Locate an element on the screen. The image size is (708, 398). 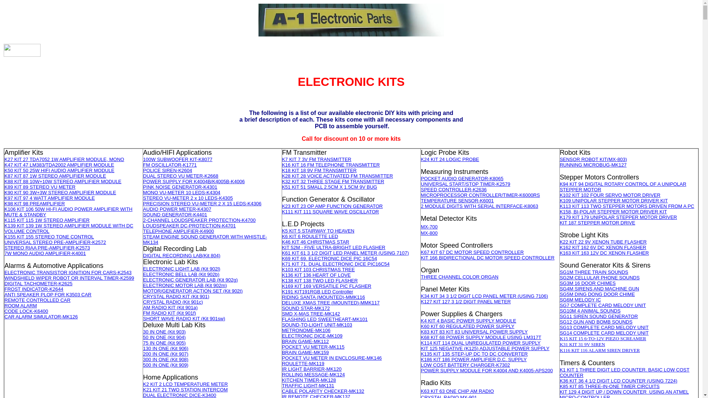
'MONO VU-METER 10 LEDS-K4304' is located at coordinates (182, 192).